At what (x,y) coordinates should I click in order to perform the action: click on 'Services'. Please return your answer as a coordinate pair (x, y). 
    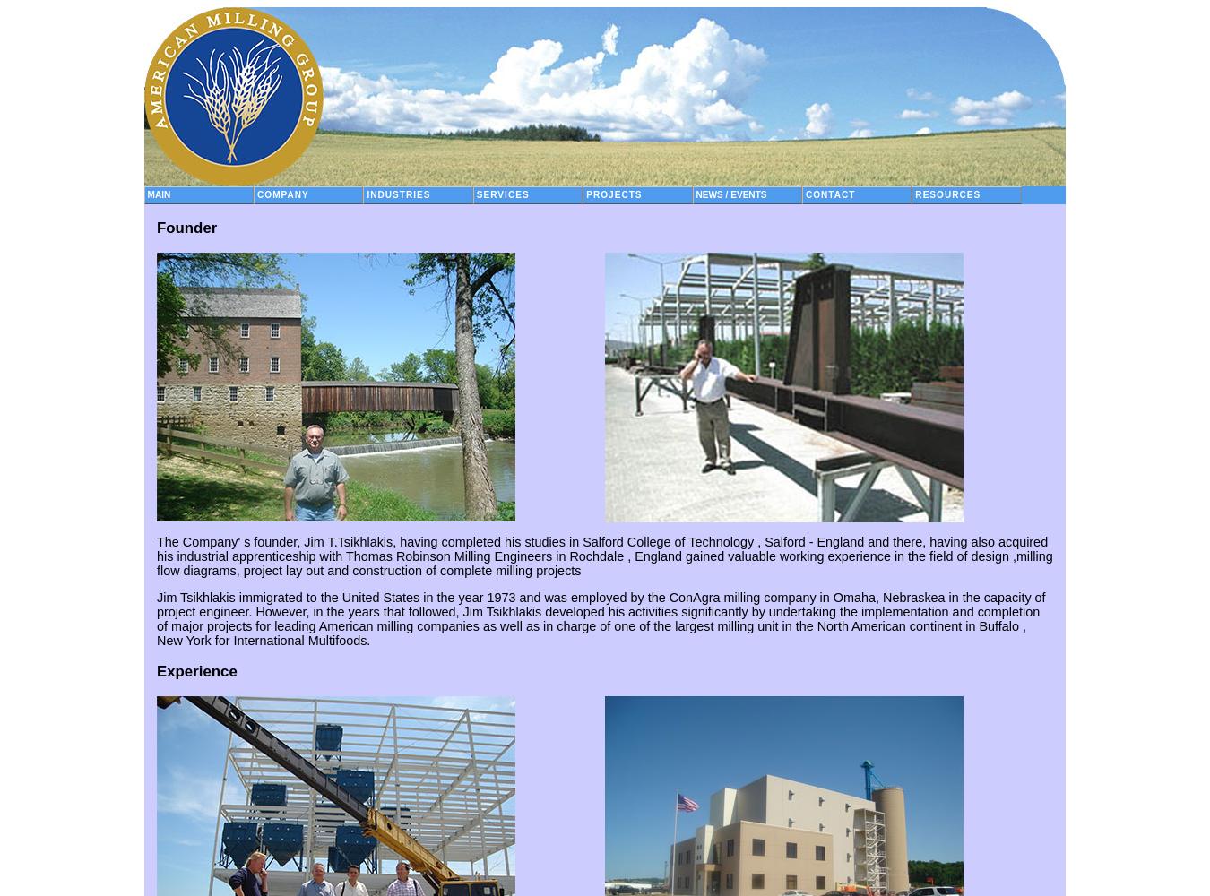
    Looking at the image, I should click on (501, 194).